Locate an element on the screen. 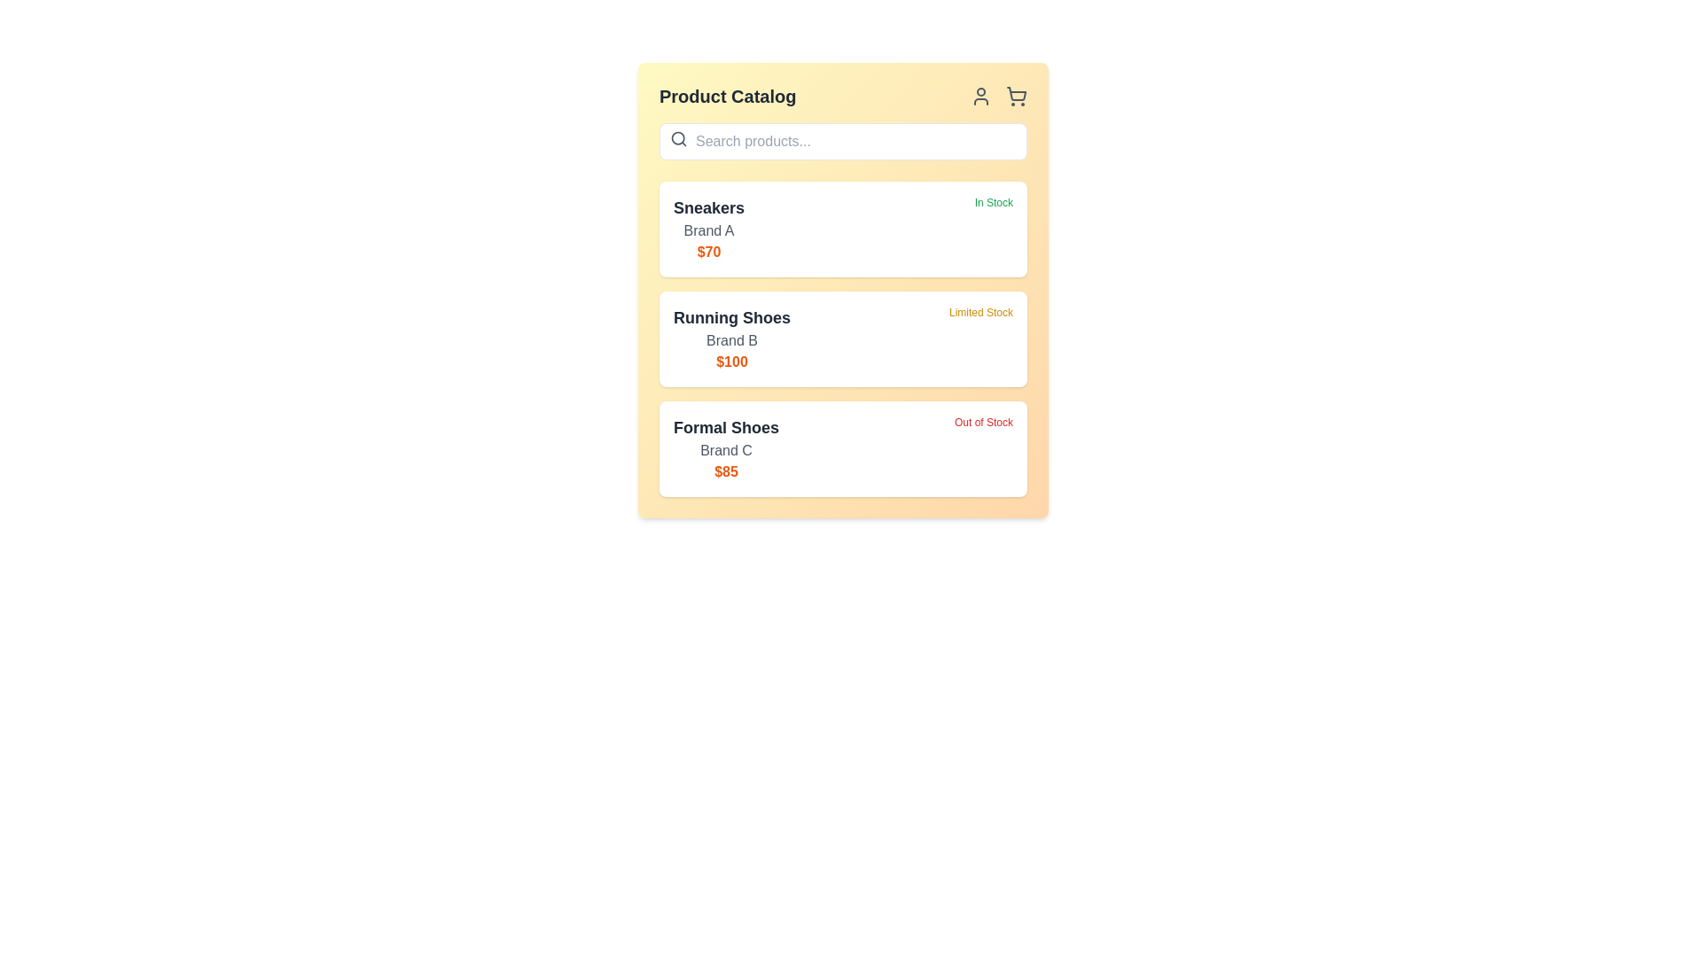 The height and width of the screenshot is (957, 1702). price information displayed in the bold orange text label showing '$70', which is located within the product information card for 'Sneakers' is located at coordinates (709, 253).